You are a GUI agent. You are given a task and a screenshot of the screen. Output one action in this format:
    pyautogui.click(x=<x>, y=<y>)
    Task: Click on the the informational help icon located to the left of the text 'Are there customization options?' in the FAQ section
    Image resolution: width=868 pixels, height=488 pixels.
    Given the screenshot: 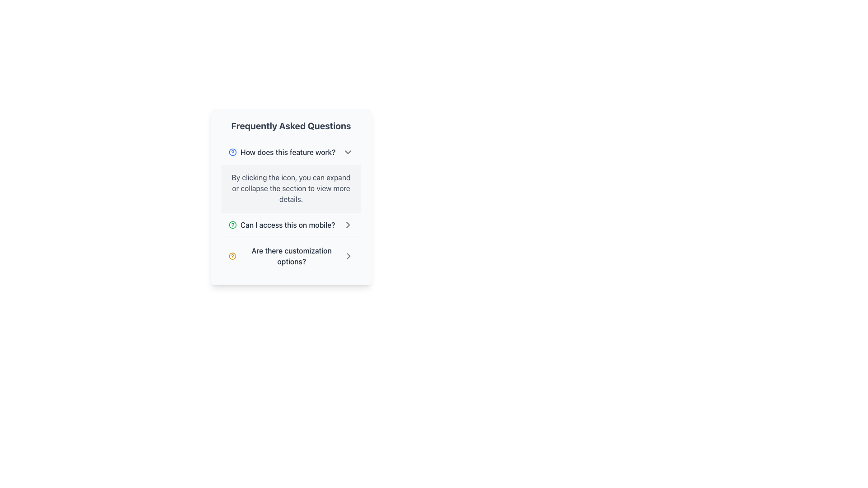 What is the action you would take?
    pyautogui.click(x=232, y=256)
    